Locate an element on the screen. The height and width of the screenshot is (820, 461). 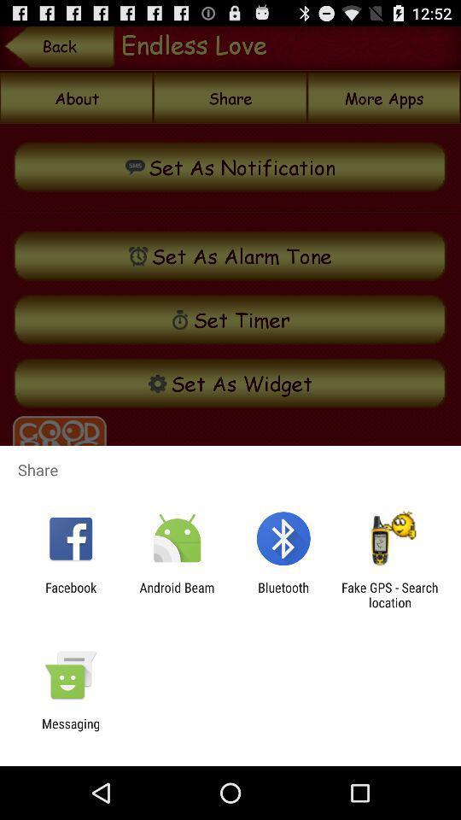
messaging is located at coordinates (70, 730).